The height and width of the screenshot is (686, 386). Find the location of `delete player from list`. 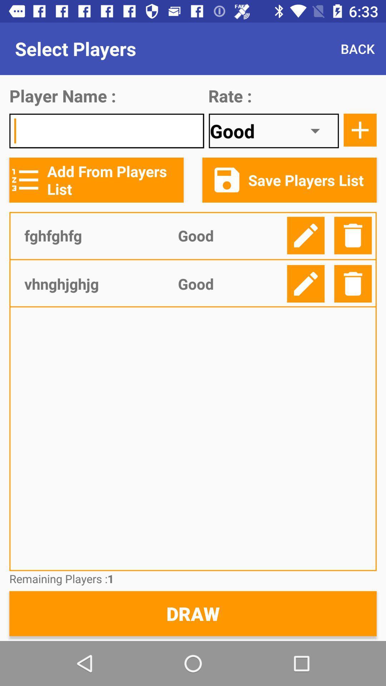

delete player from list is located at coordinates (352, 235).